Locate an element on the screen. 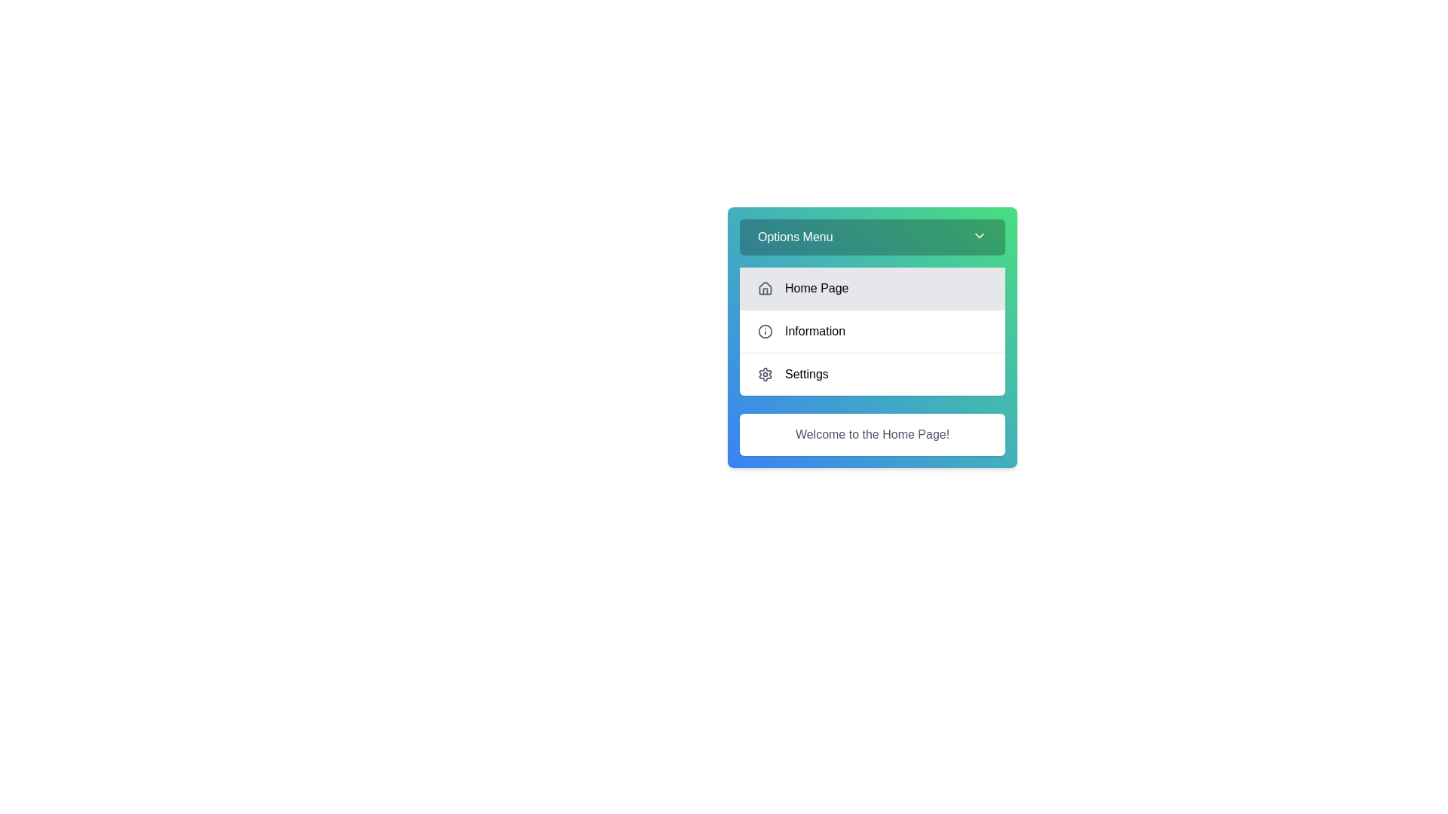  the circular graphical shape component that is part of an icon or graphic, positioned near textual descriptions and other graphical elements is located at coordinates (765, 330).